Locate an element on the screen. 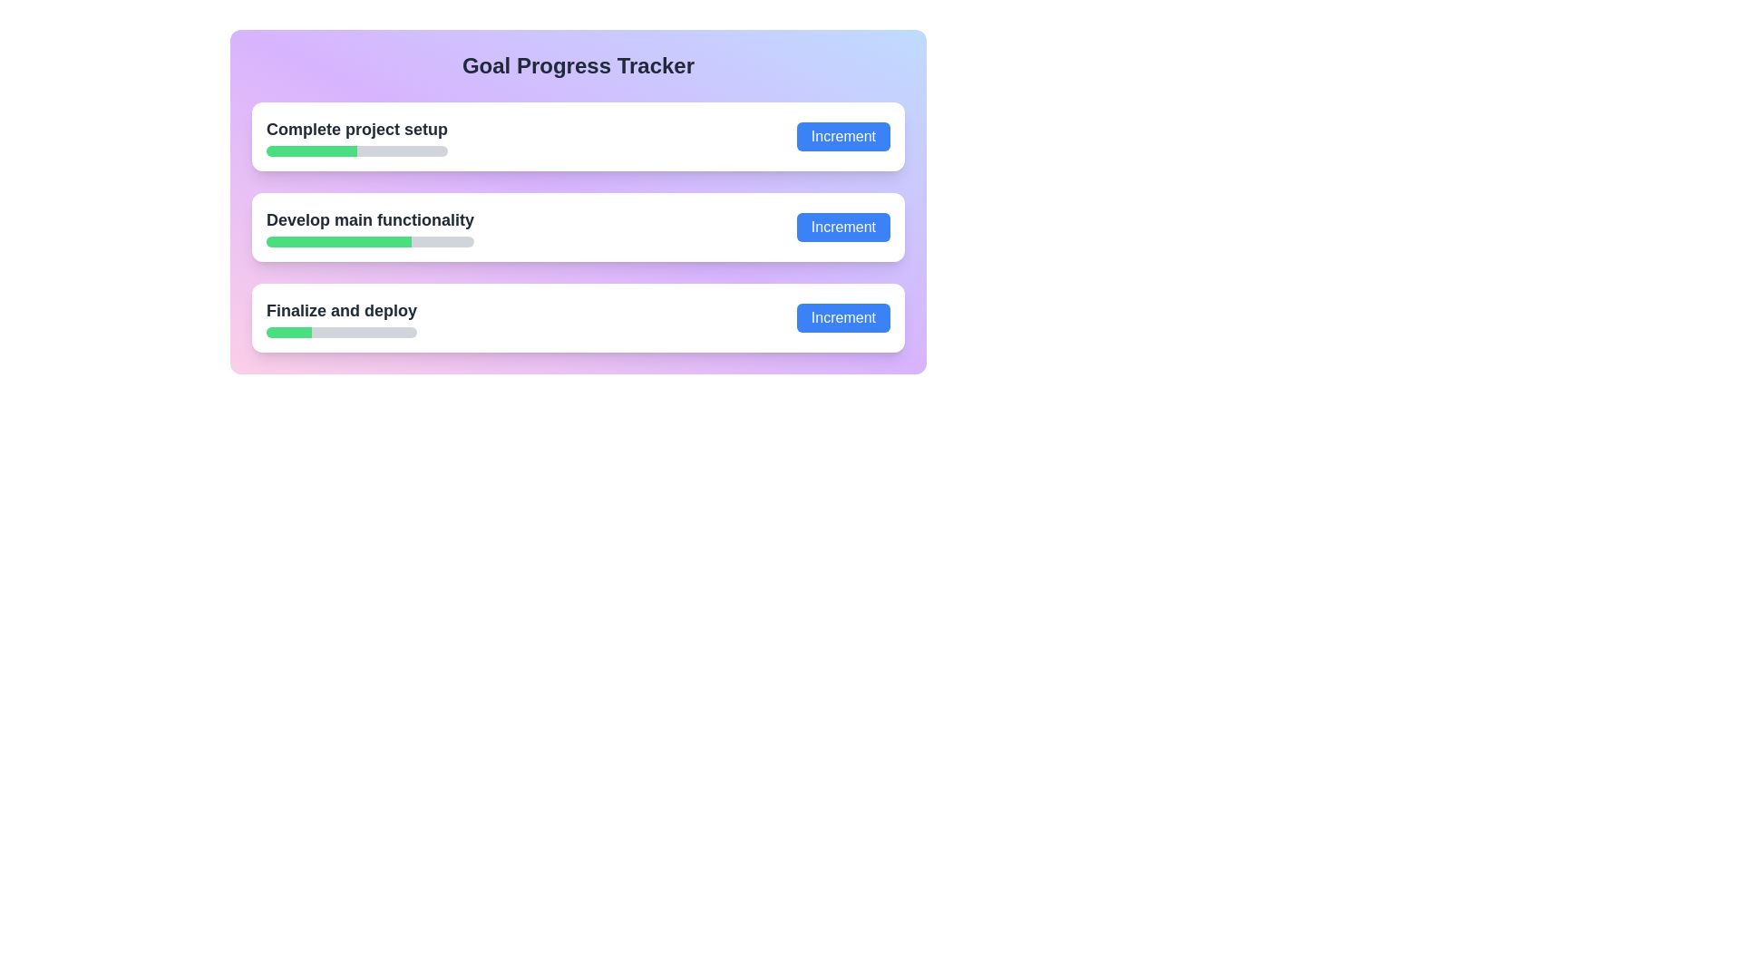 The image size is (1741, 979). progress visually on the progress bar located beneath the text 'Finalize and deploy', which is the third progress bar in the goal tracker interface is located at coordinates (342, 332).